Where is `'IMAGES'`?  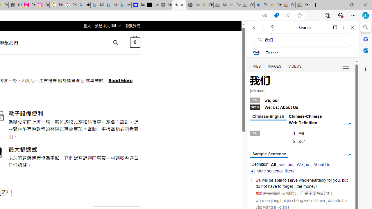
'IMAGES' is located at coordinates (274, 66).